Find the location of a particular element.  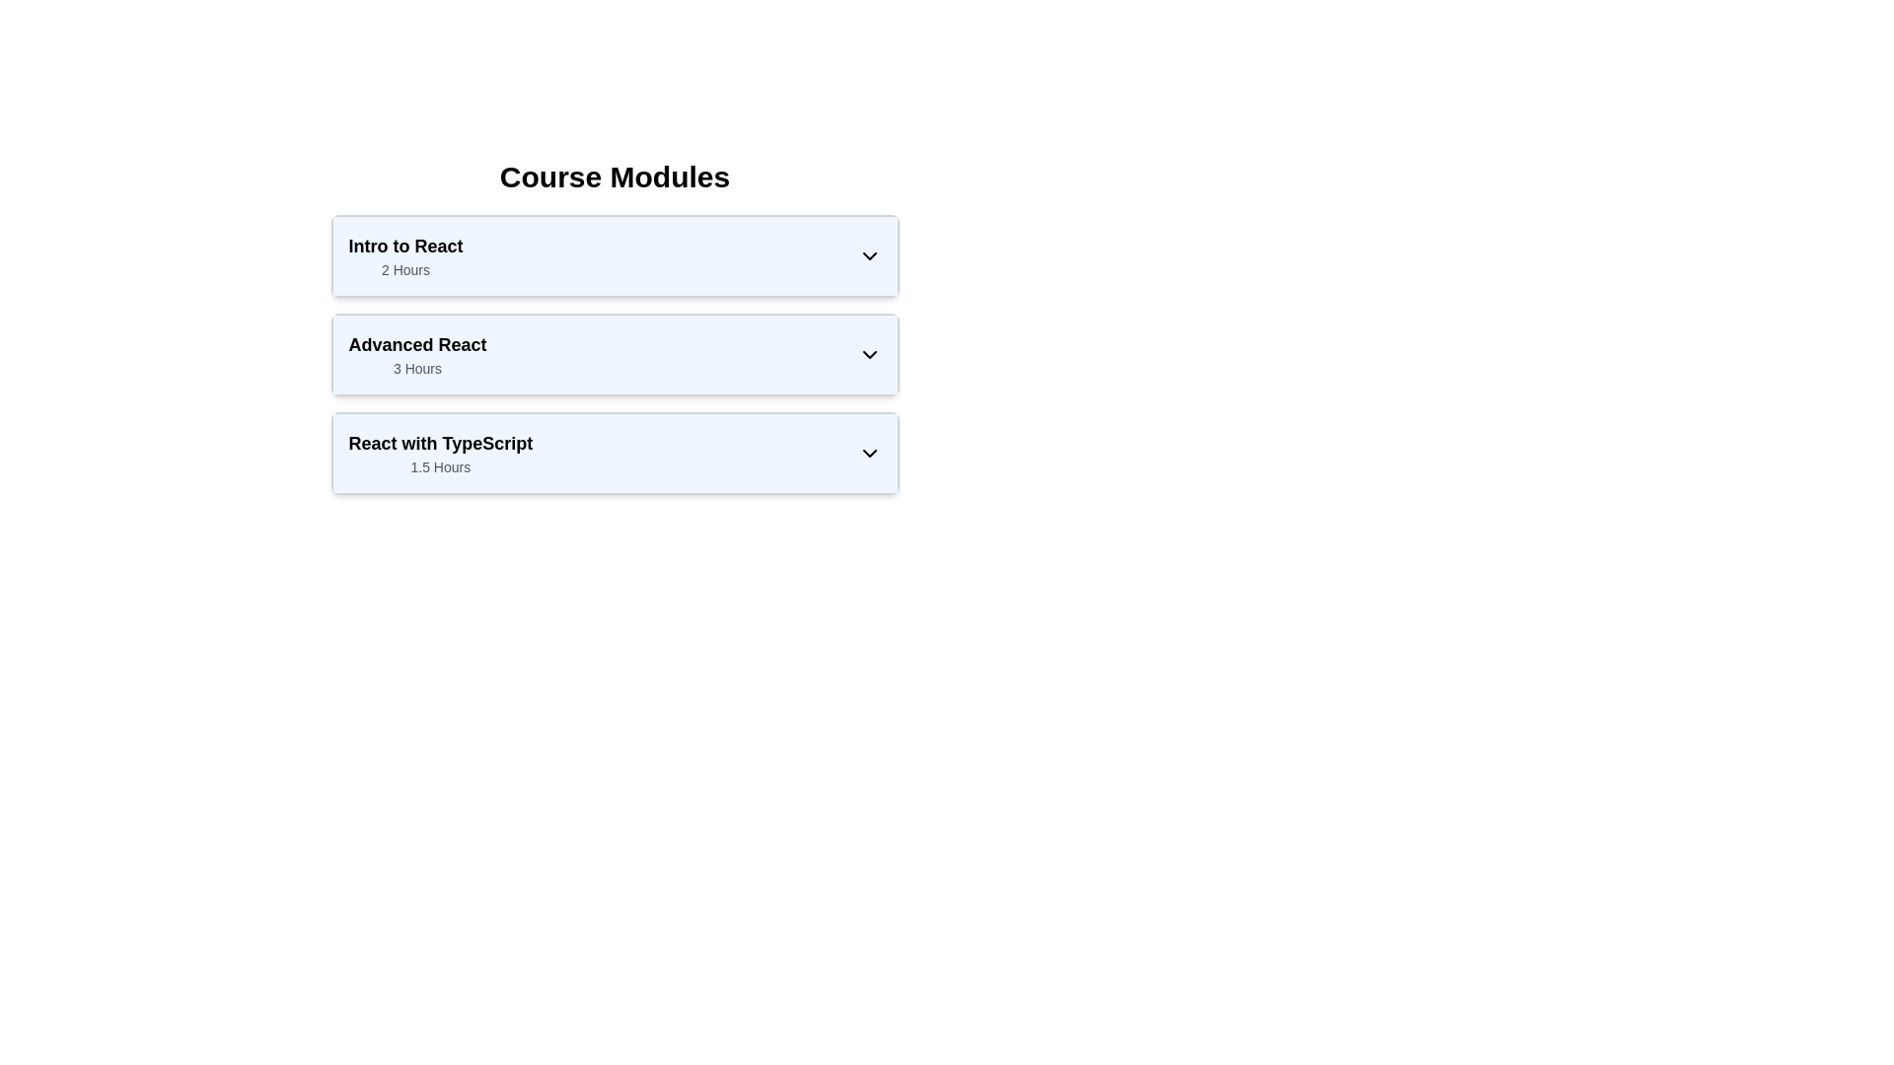

the third selectable item is located at coordinates (614, 453).